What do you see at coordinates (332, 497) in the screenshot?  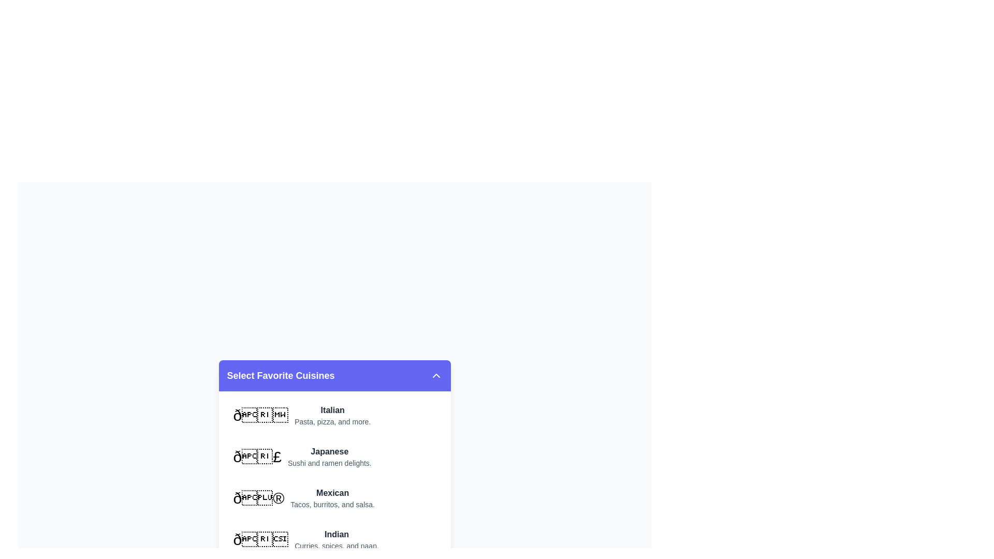 I see `the 'Mexican' text display element in the 'Select Favorite Cuisines' menu, which is the third entry in the list, aligned with a circular emoji` at bounding box center [332, 497].